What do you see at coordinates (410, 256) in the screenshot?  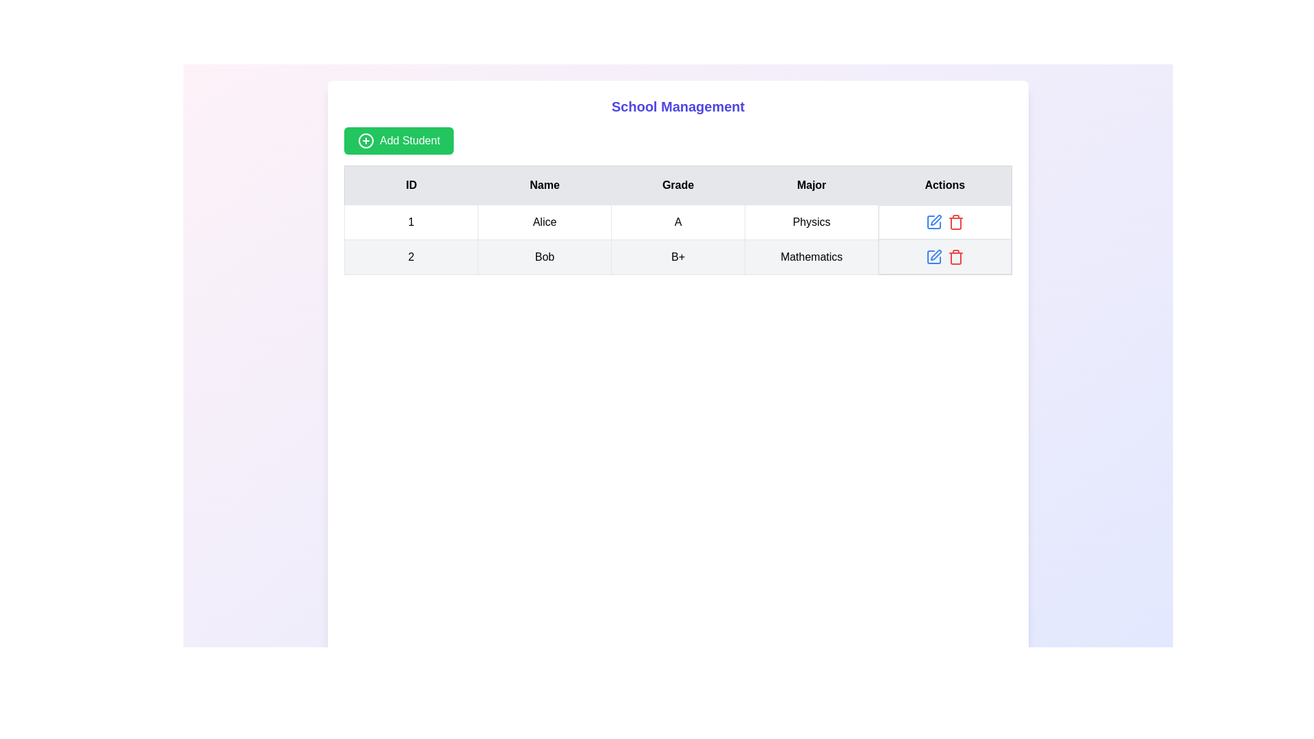 I see `the first cell in the second row of the table that displays the student ID, located under the 'ID' column header` at bounding box center [410, 256].